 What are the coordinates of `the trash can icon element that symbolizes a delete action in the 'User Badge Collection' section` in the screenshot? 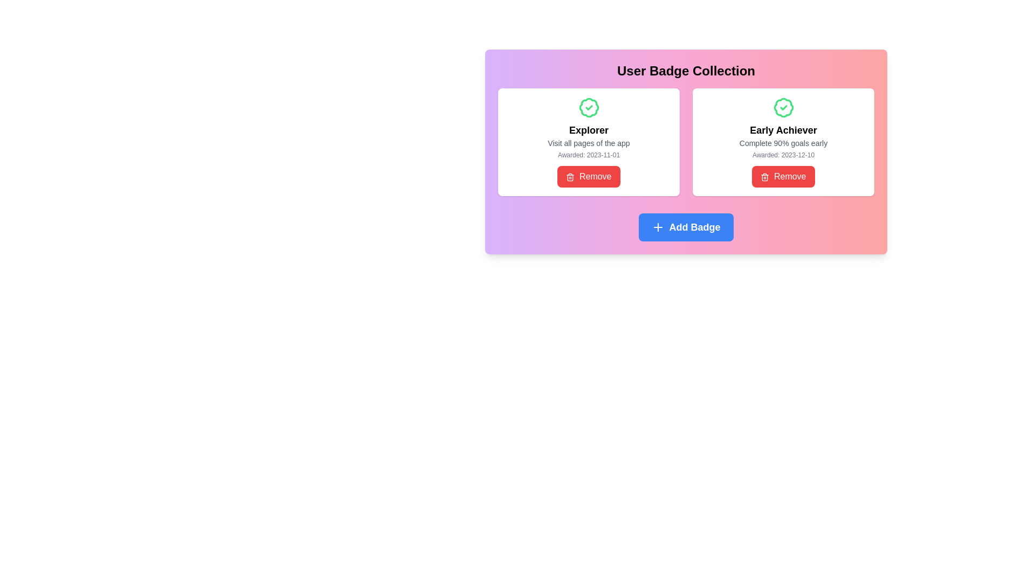 It's located at (570, 177).